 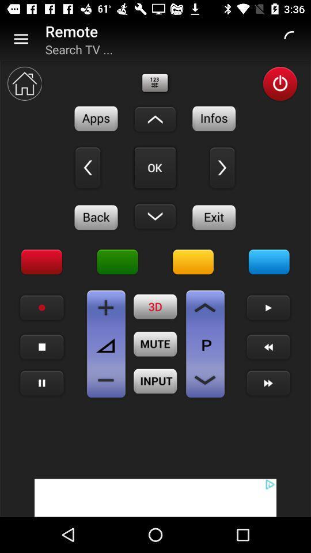 What do you see at coordinates (279, 83) in the screenshot?
I see `switch off the button` at bounding box center [279, 83].